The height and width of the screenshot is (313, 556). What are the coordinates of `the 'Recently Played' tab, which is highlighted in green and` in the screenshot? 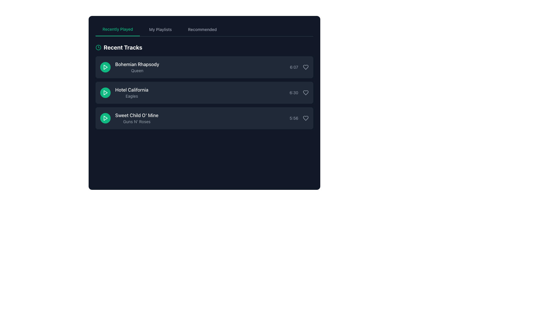 It's located at (117, 29).